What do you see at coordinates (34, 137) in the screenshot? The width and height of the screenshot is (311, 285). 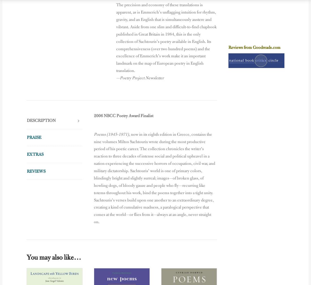 I see `'Praise'` at bounding box center [34, 137].